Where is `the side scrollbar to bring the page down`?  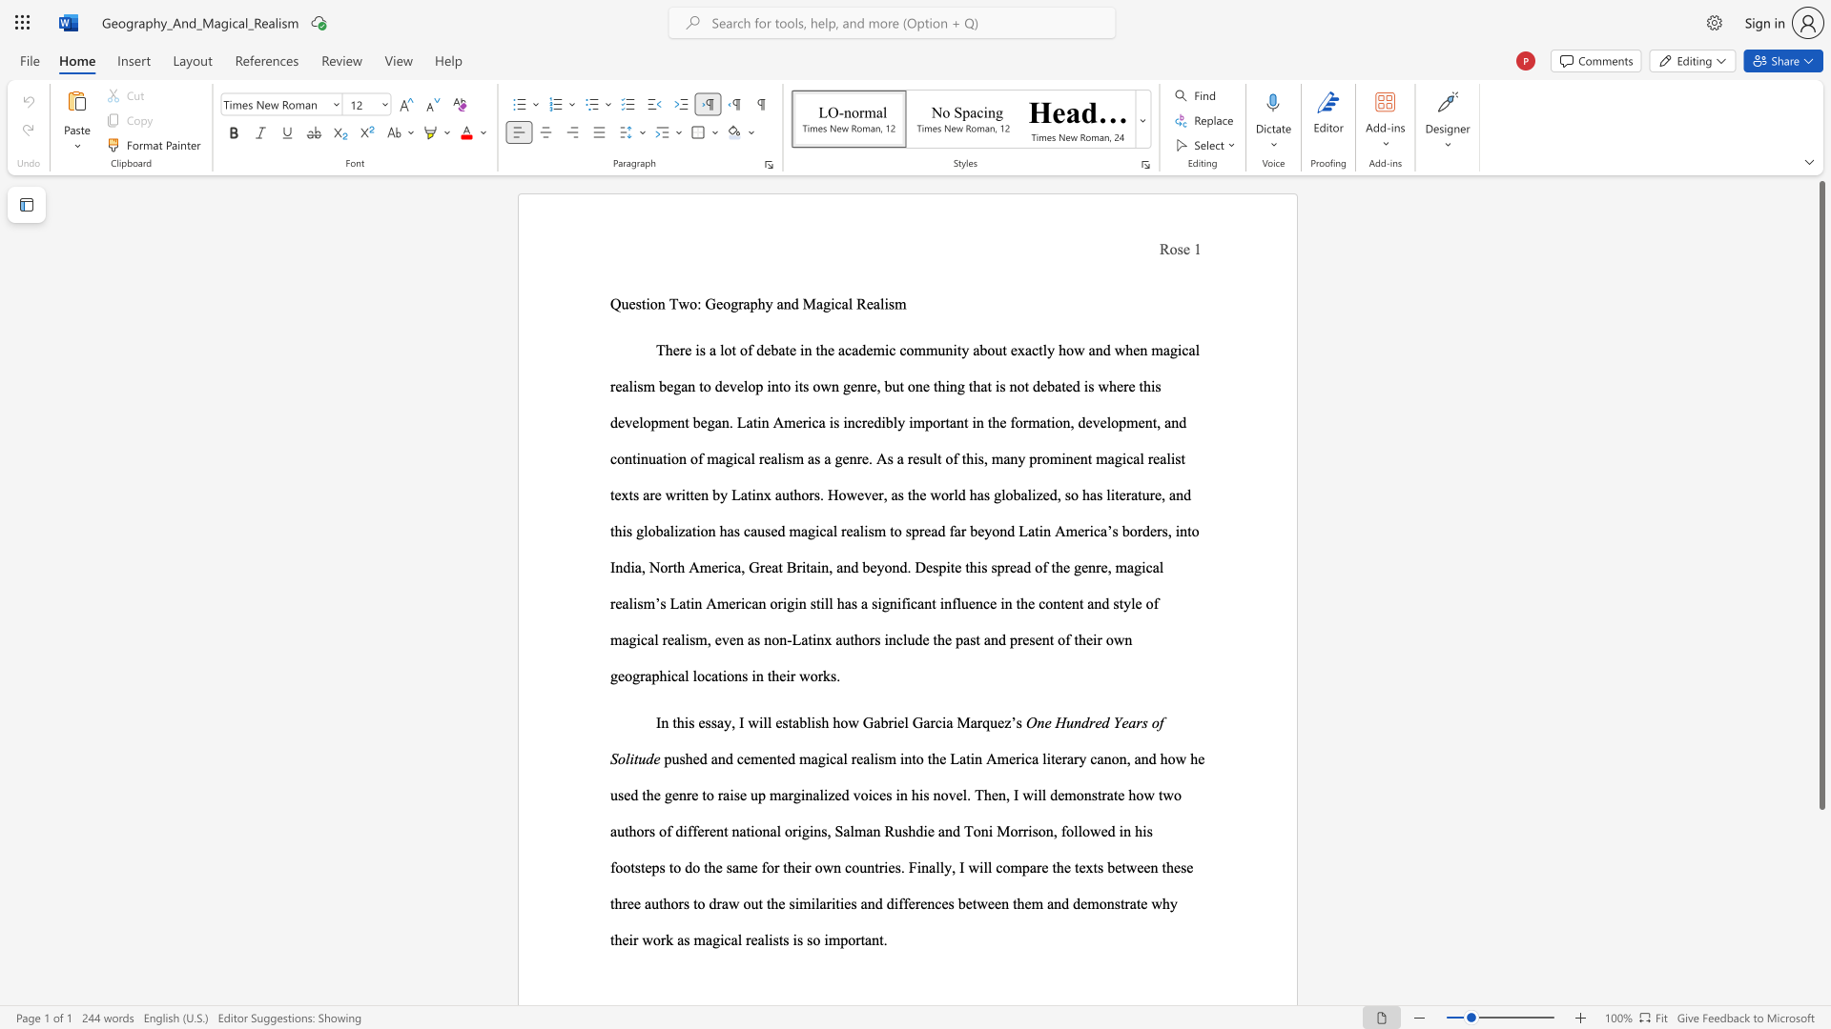 the side scrollbar to bring the page down is located at coordinates (1821, 962).